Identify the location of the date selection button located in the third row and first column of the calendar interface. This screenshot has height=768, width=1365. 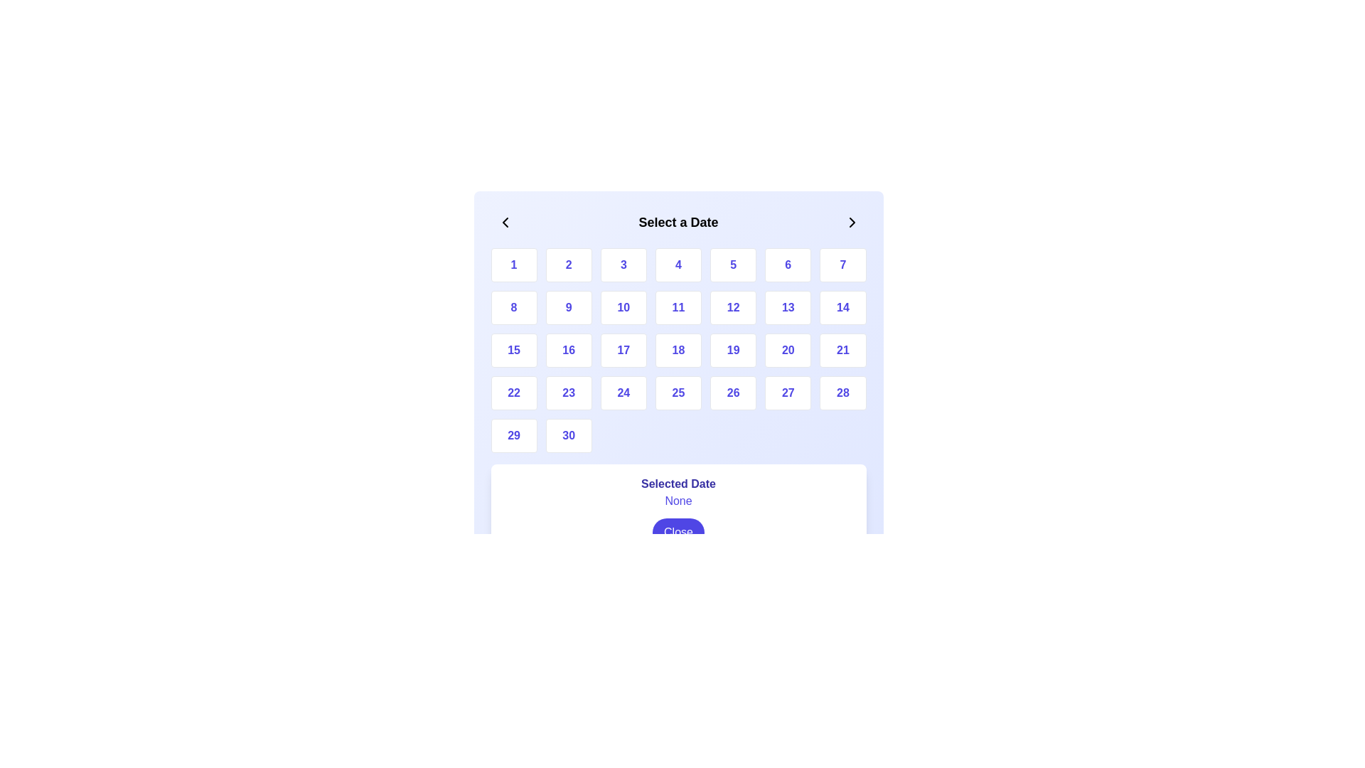
(513, 351).